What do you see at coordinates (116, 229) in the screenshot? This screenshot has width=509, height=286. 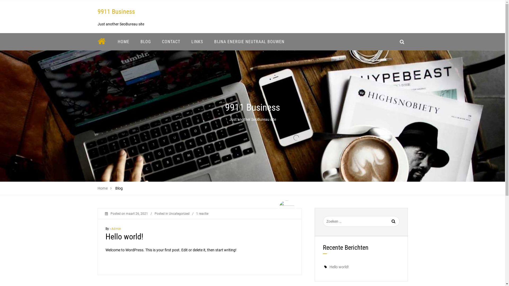 I see `'Admin'` at bounding box center [116, 229].